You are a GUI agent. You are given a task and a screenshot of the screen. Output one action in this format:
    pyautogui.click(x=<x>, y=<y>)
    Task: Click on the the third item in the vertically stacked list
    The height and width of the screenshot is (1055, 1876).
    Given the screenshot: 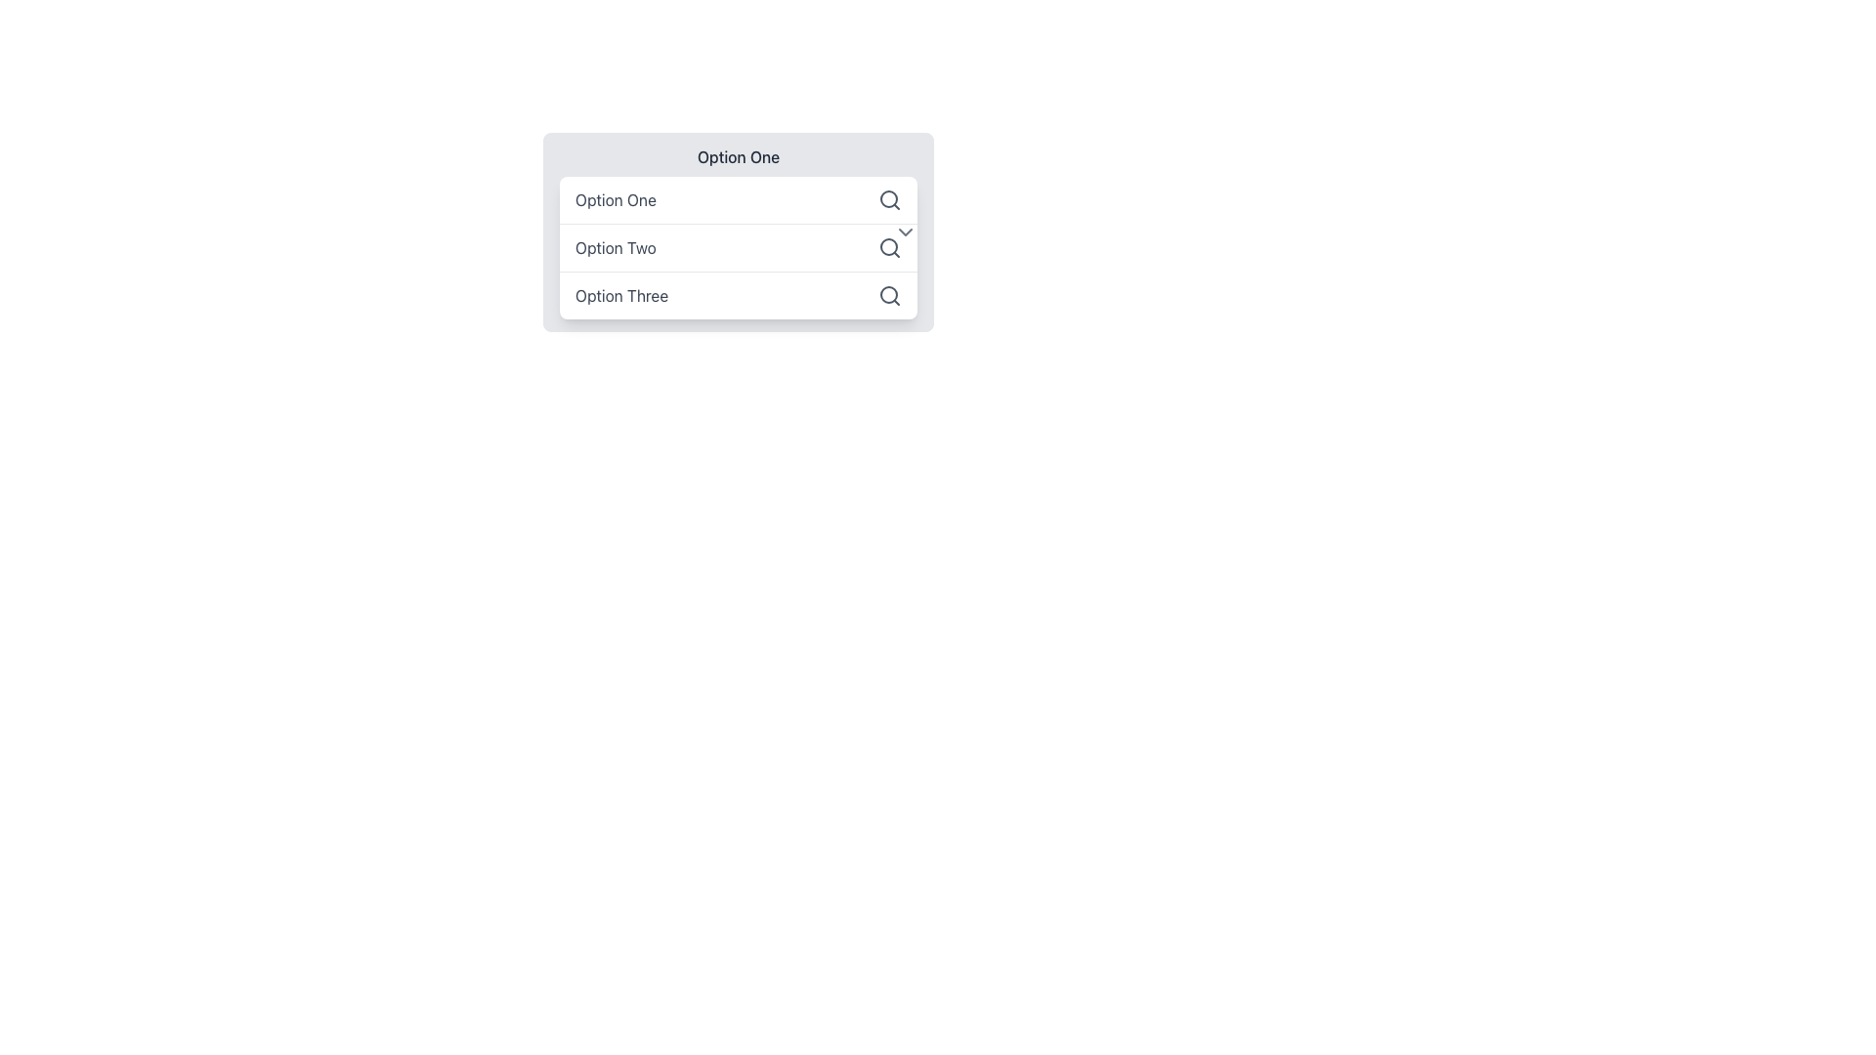 What is the action you would take?
    pyautogui.click(x=737, y=295)
    